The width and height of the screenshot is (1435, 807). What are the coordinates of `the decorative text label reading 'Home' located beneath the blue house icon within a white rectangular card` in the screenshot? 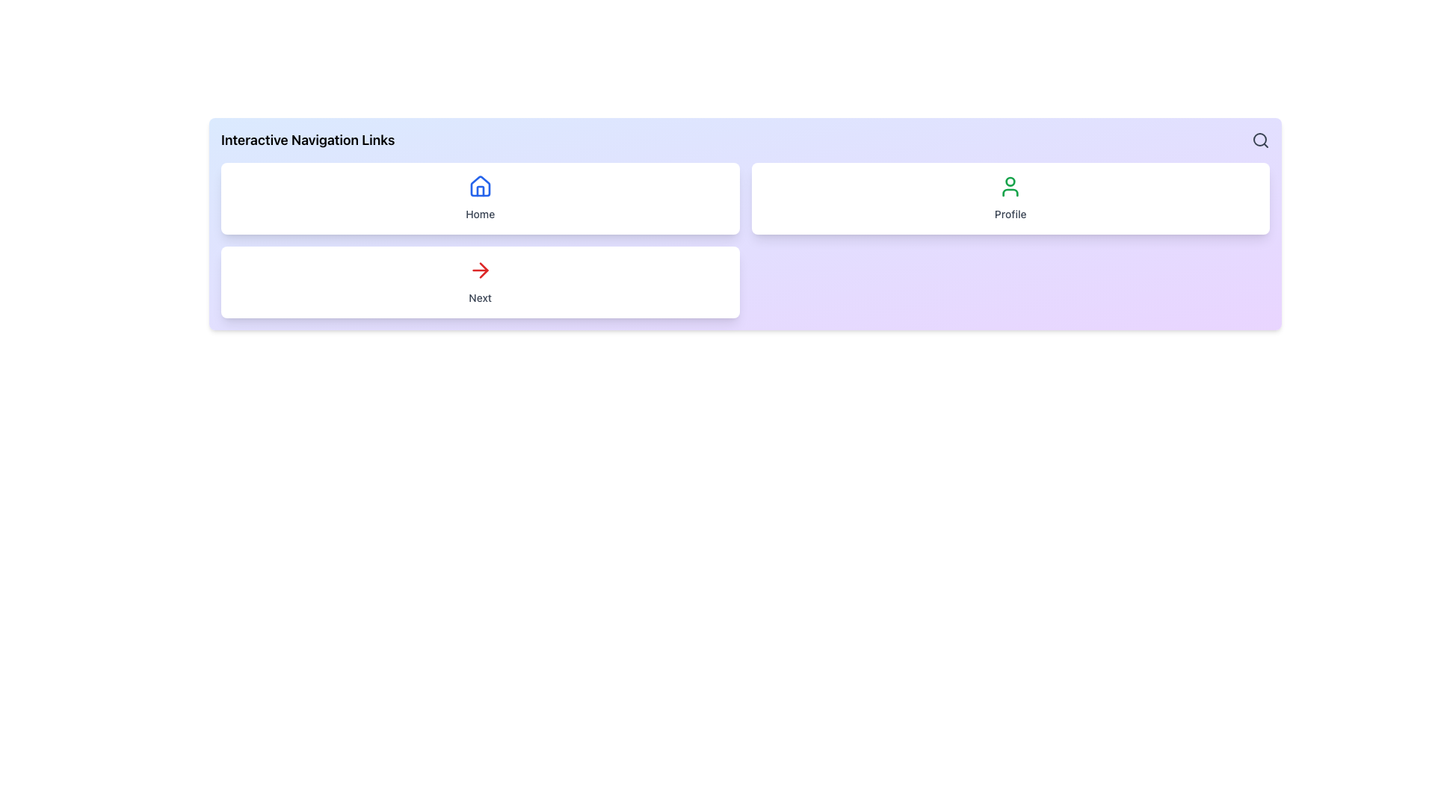 It's located at (480, 214).